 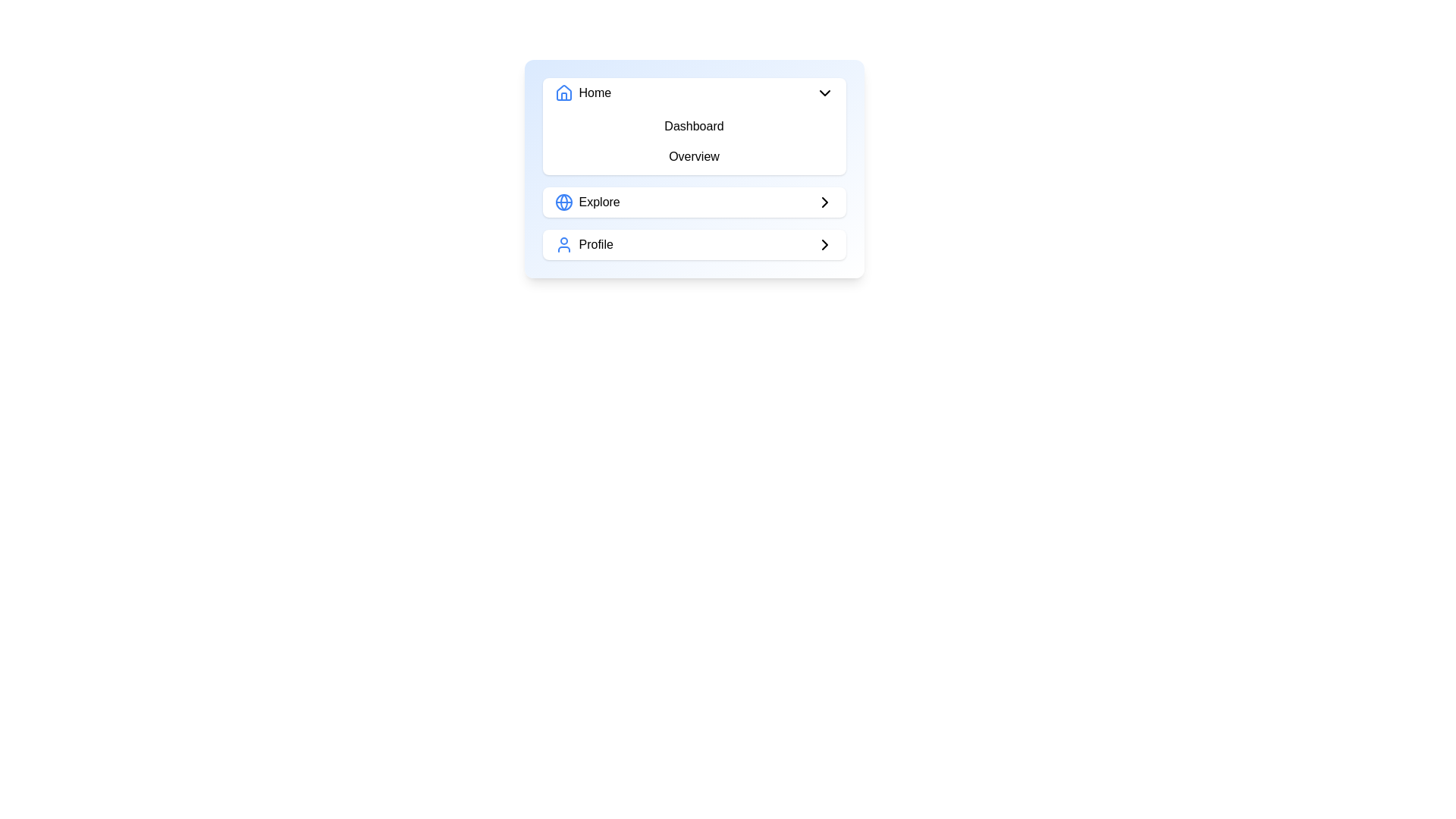 What do you see at coordinates (693, 201) in the screenshot?
I see `the navigation button located centrally in the item list interface, positioned below 'Dashboard' and 'Overview', and above 'Profile'` at bounding box center [693, 201].